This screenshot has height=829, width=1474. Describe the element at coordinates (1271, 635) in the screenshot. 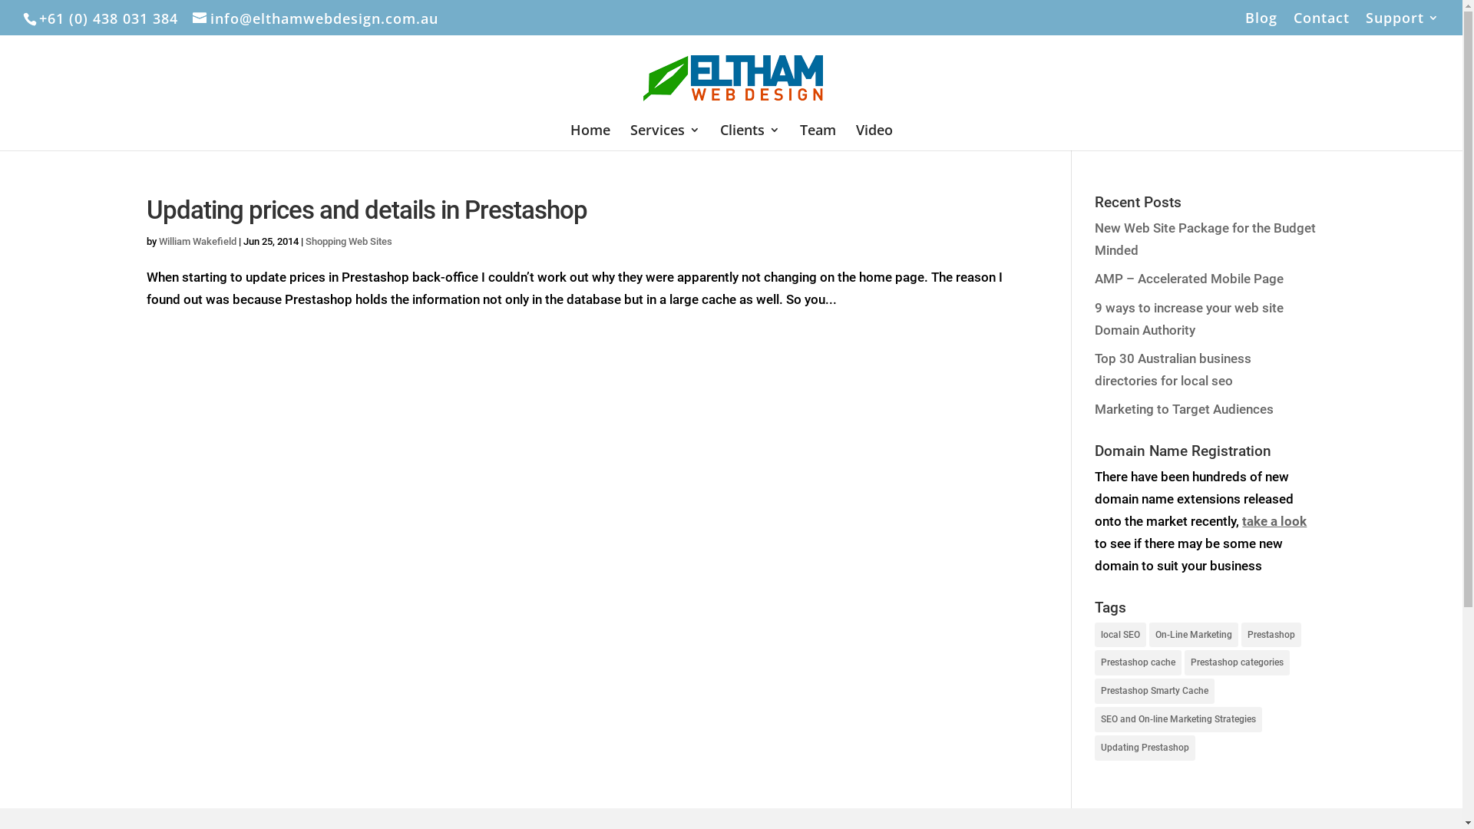

I see `'Prestashop'` at that location.